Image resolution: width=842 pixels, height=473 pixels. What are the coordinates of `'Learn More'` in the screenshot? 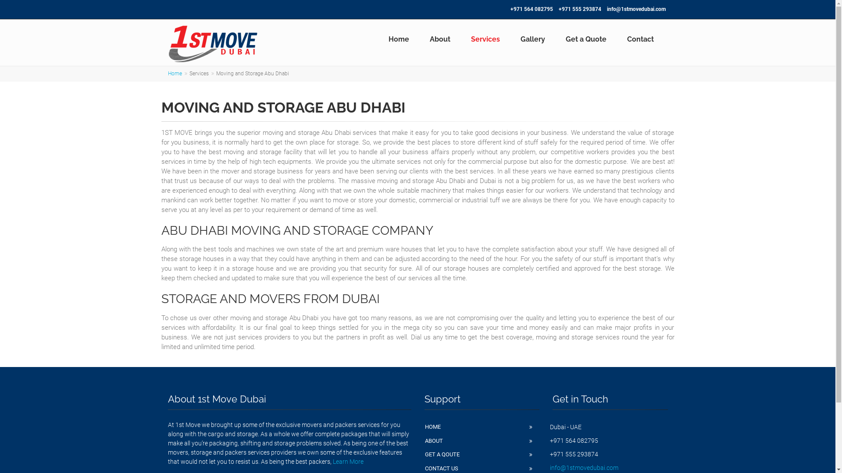 It's located at (347, 461).